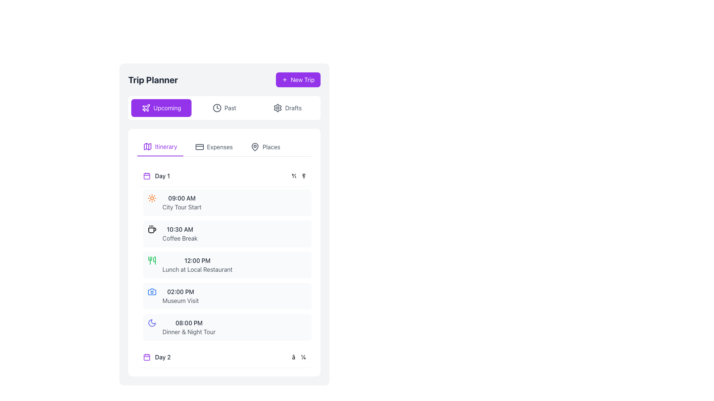 The height and width of the screenshot is (401, 714). What do you see at coordinates (224, 253) in the screenshot?
I see `the 'Day 1' itinerary list item, which includes the detailed schedule of activities such as 'City Tour Start', 'Coffee Break', and 'Lunch at Local Restaurant'` at bounding box center [224, 253].